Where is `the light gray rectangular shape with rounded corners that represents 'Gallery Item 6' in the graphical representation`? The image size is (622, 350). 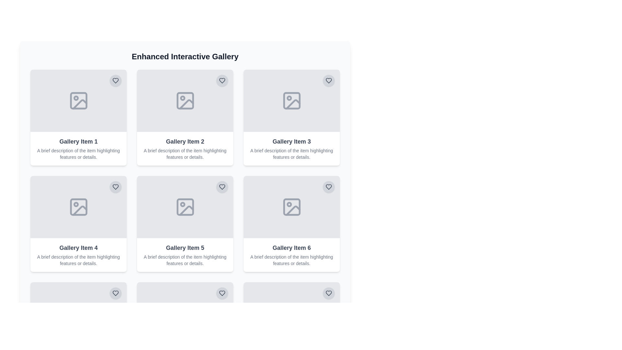 the light gray rectangular shape with rounded corners that represents 'Gallery Item 6' in the graphical representation is located at coordinates (291, 207).